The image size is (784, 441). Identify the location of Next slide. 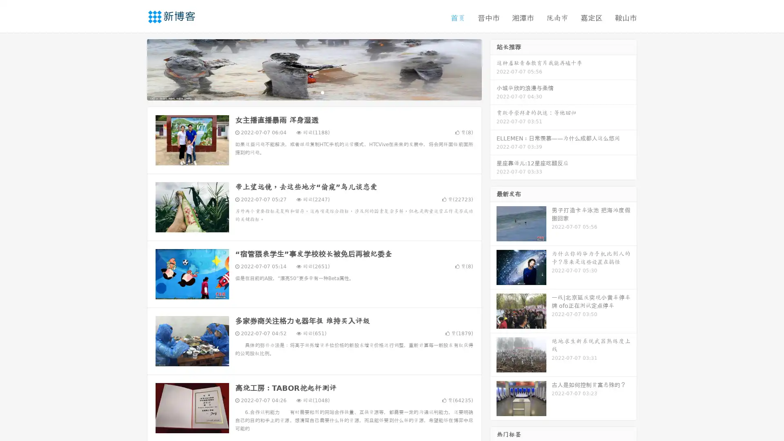
(493, 69).